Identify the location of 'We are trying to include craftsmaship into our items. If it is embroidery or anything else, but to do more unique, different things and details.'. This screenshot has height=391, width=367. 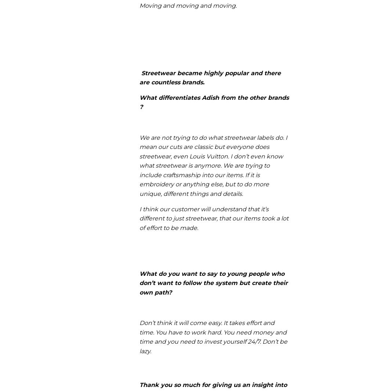
(204, 180).